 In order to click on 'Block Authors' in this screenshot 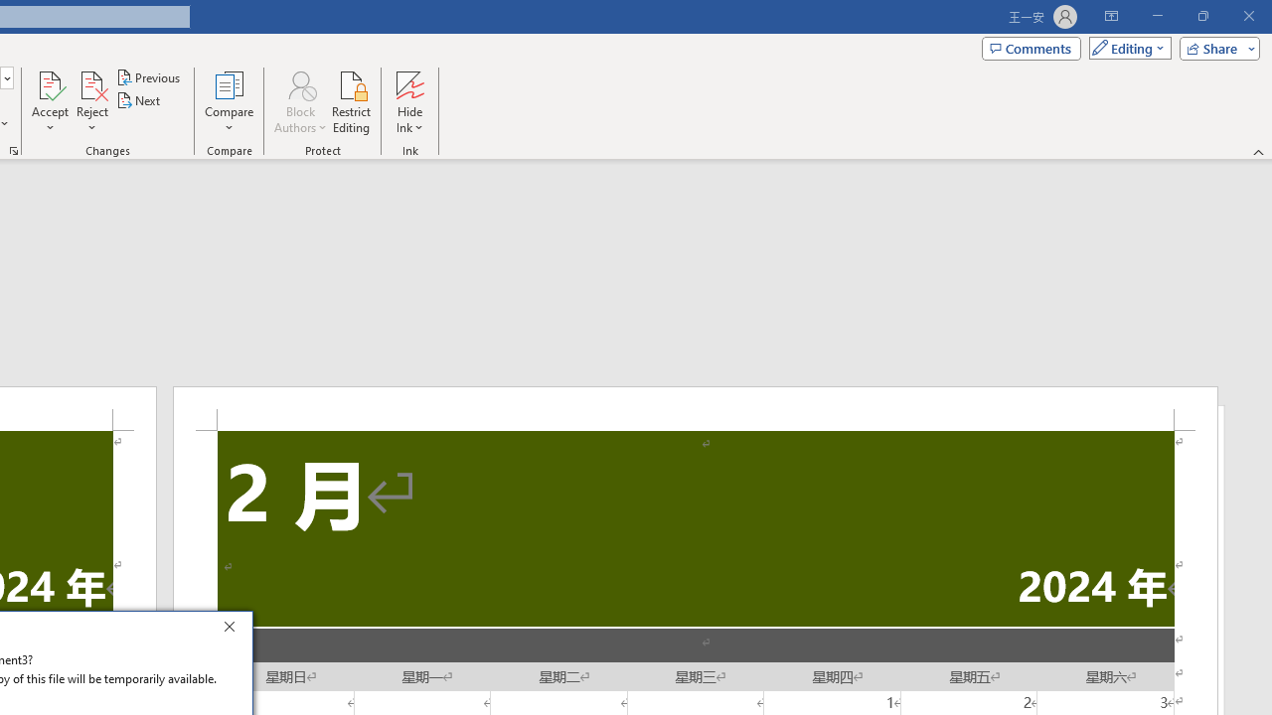, I will do `click(299, 83)`.